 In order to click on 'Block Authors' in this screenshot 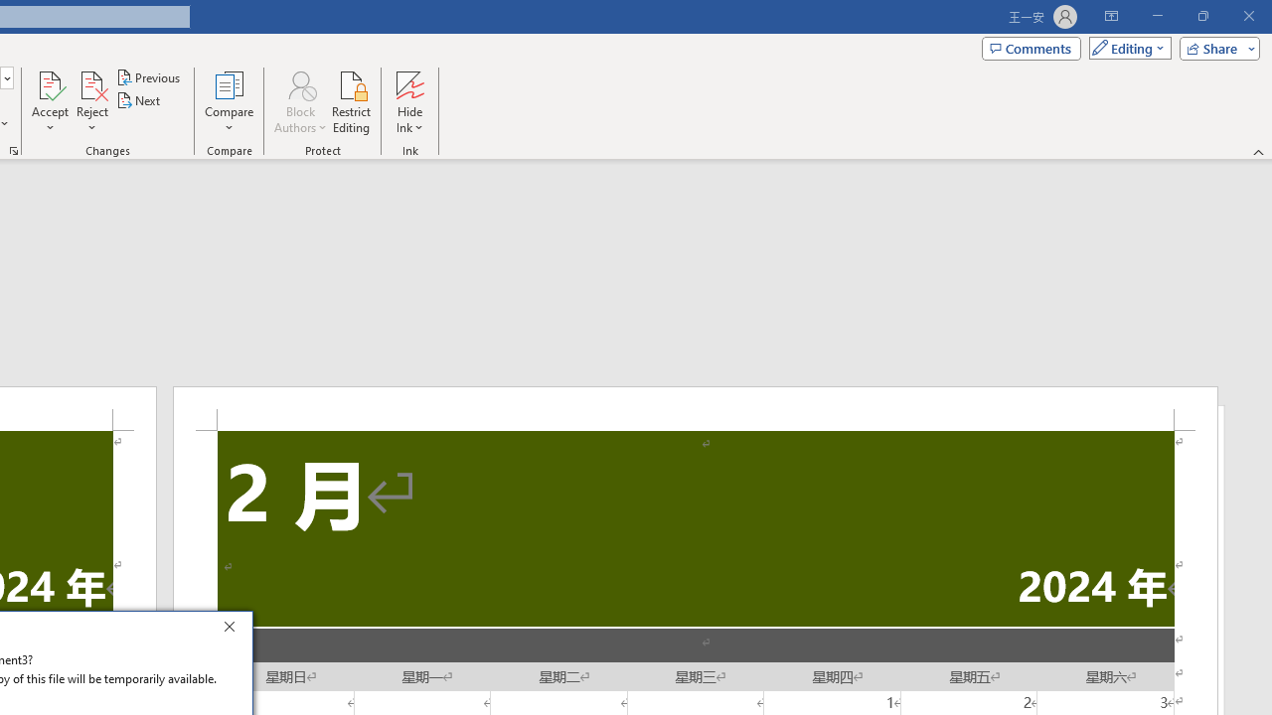, I will do `click(299, 83)`.